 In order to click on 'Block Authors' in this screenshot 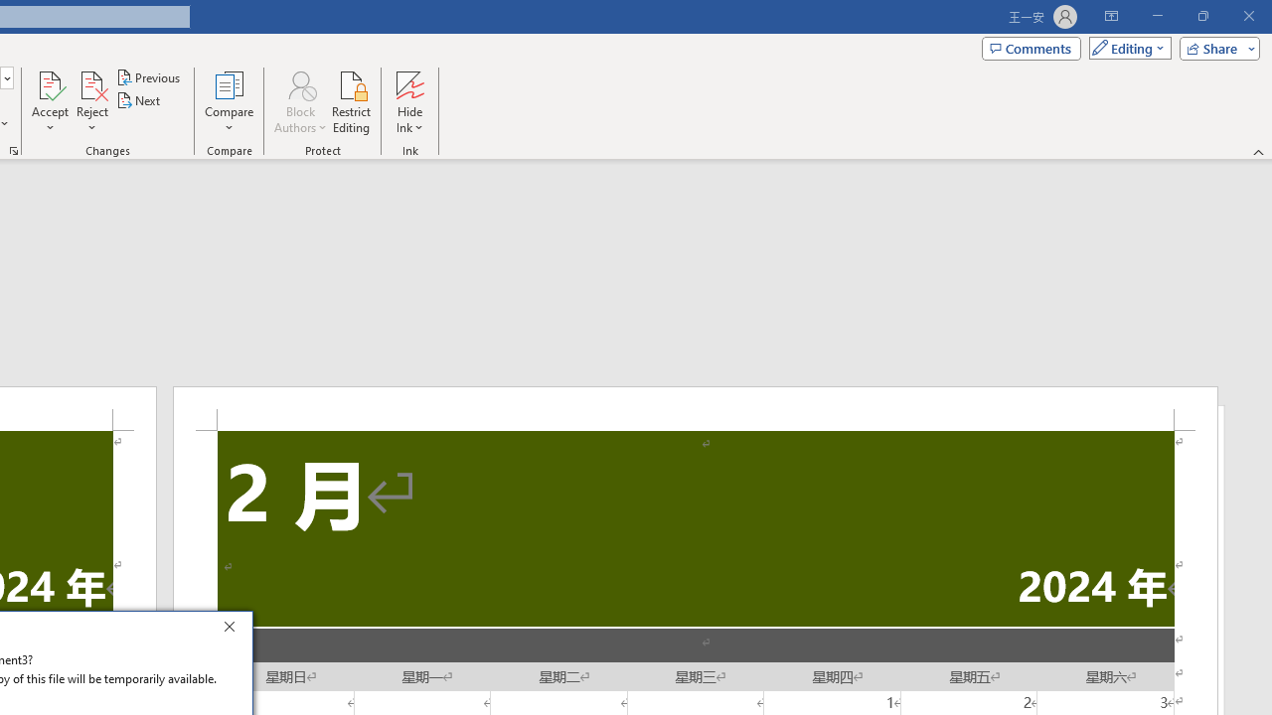, I will do `click(299, 83)`.